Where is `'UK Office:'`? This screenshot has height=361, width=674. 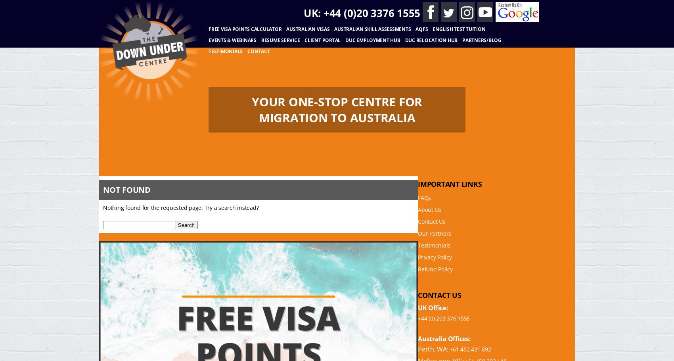
'UK Office:' is located at coordinates (433, 307).